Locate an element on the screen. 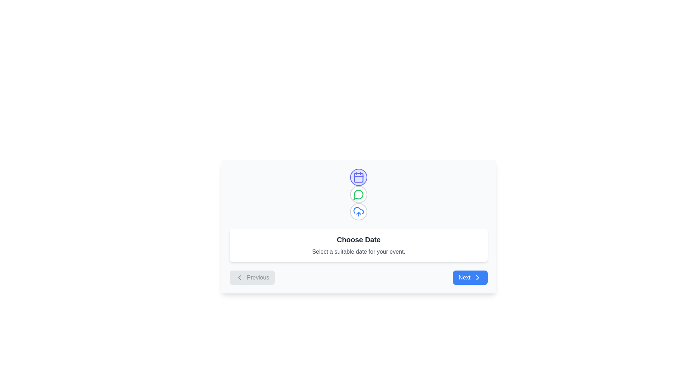 Image resolution: width=688 pixels, height=387 pixels. the calendar icon, which is the first icon in a vertical arrangement located just above the 'Choose Date' section is located at coordinates (359, 177).